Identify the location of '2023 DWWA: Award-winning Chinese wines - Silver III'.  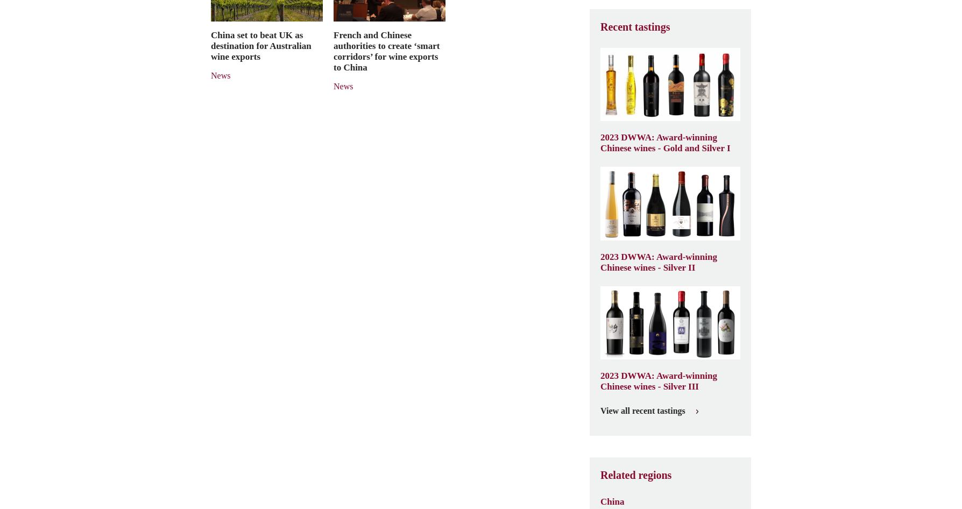
(658, 380).